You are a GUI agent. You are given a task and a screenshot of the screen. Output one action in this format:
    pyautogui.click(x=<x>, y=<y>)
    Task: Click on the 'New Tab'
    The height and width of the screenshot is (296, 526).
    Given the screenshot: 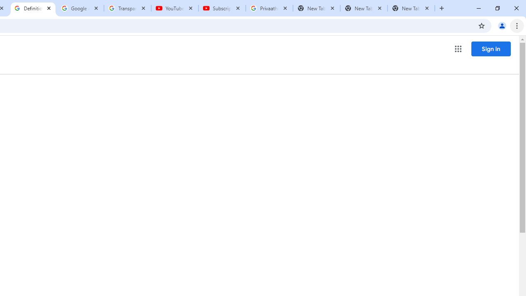 What is the action you would take?
    pyautogui.click(x=411, y=8)
    